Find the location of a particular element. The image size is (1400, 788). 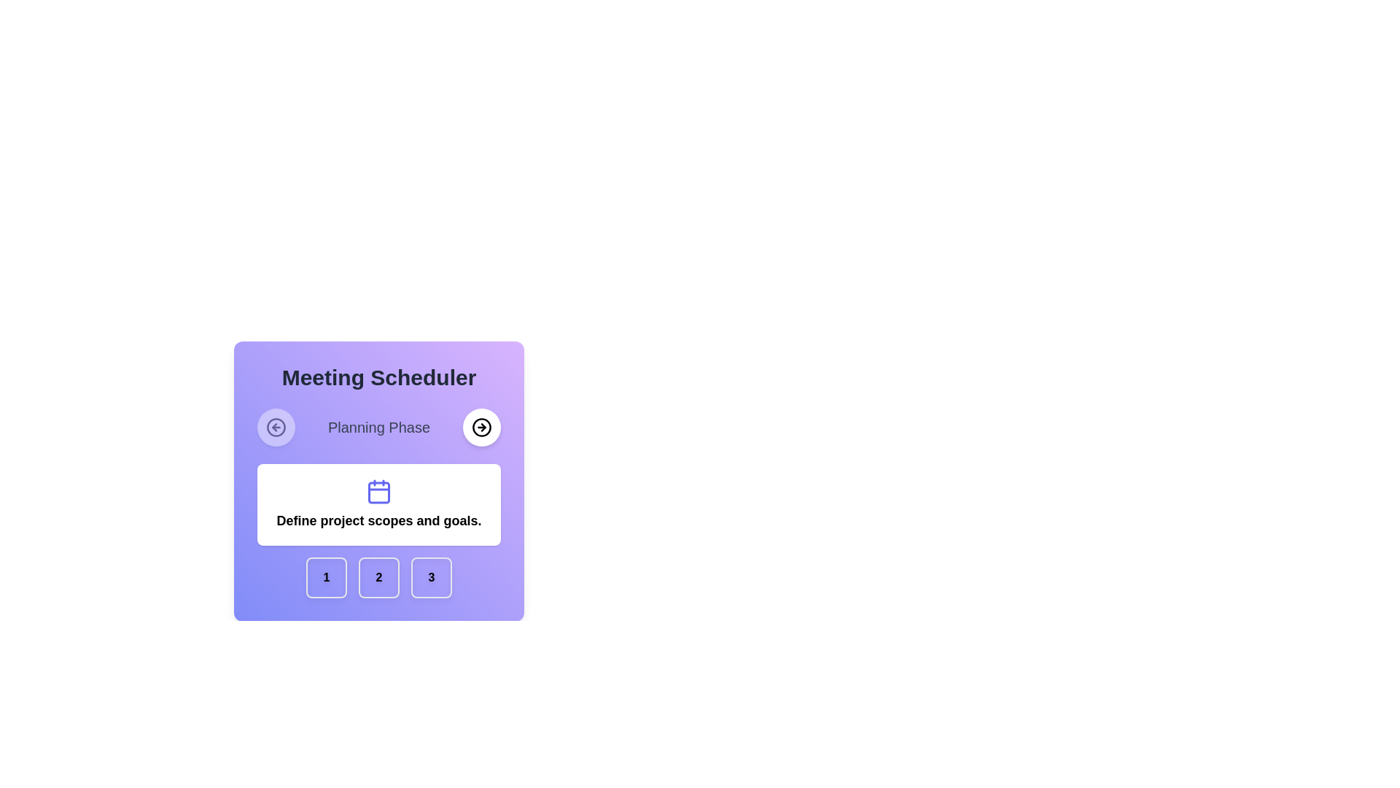

the first button in the row of three buttons at the bottom center of the card layout is located at coordinates (325, 576).